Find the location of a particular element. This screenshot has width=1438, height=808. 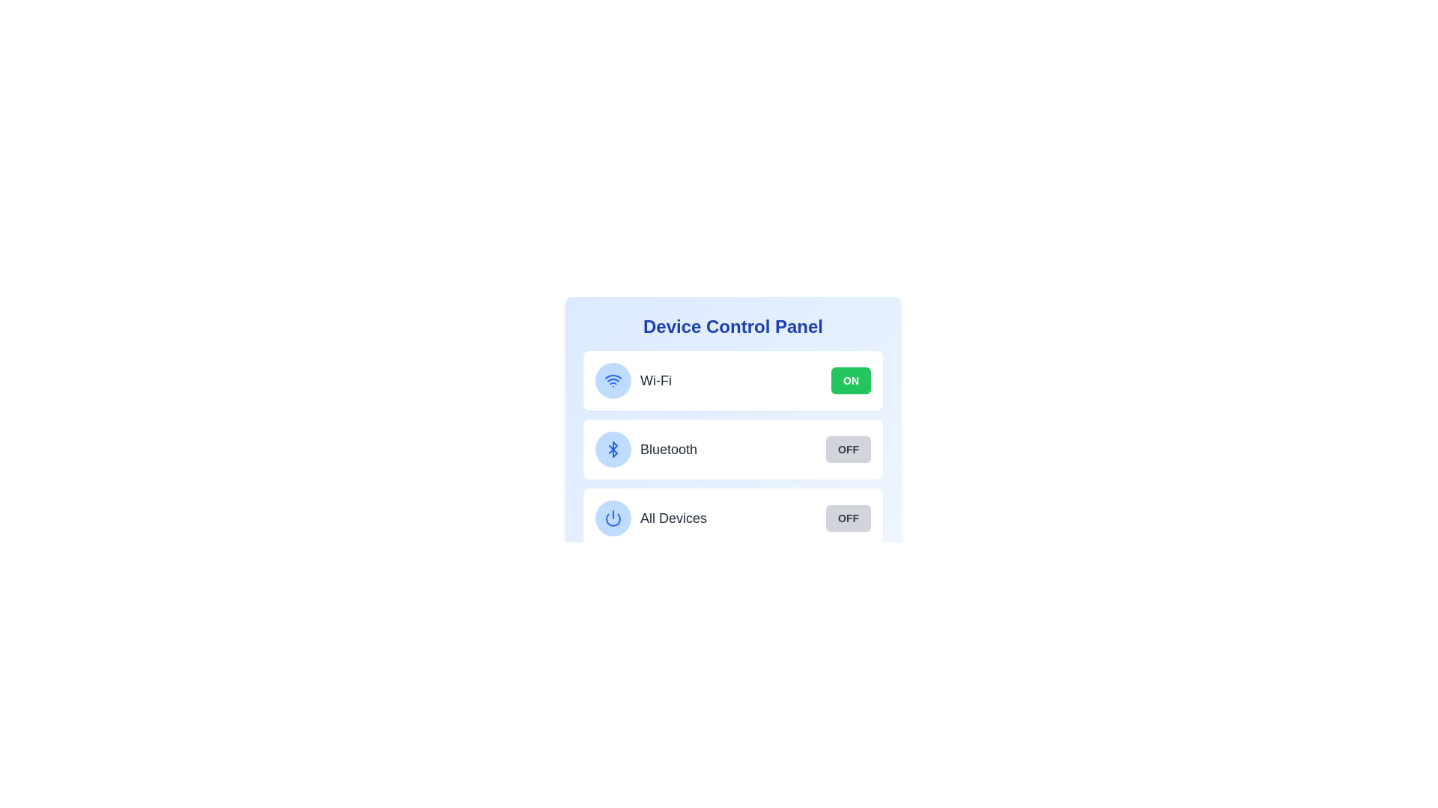

the Text Label that serves as the title for the user interface section, located at the top of the rectangular panel above the settings list is located at coordinates (733, 325).